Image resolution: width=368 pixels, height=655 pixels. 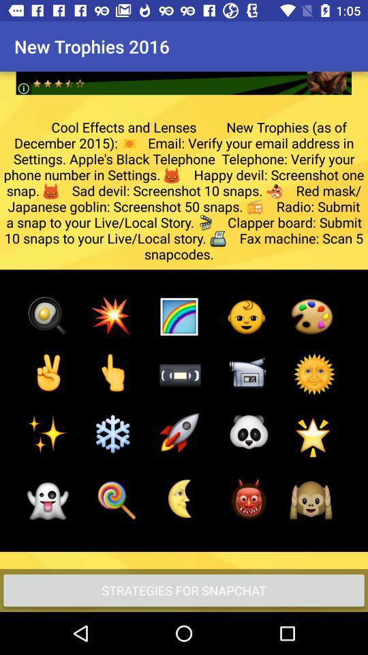 What do you see at coordinates (183, 72) in the screenshot?
I see `opens advertisement link` at bounding box center [183, 72].